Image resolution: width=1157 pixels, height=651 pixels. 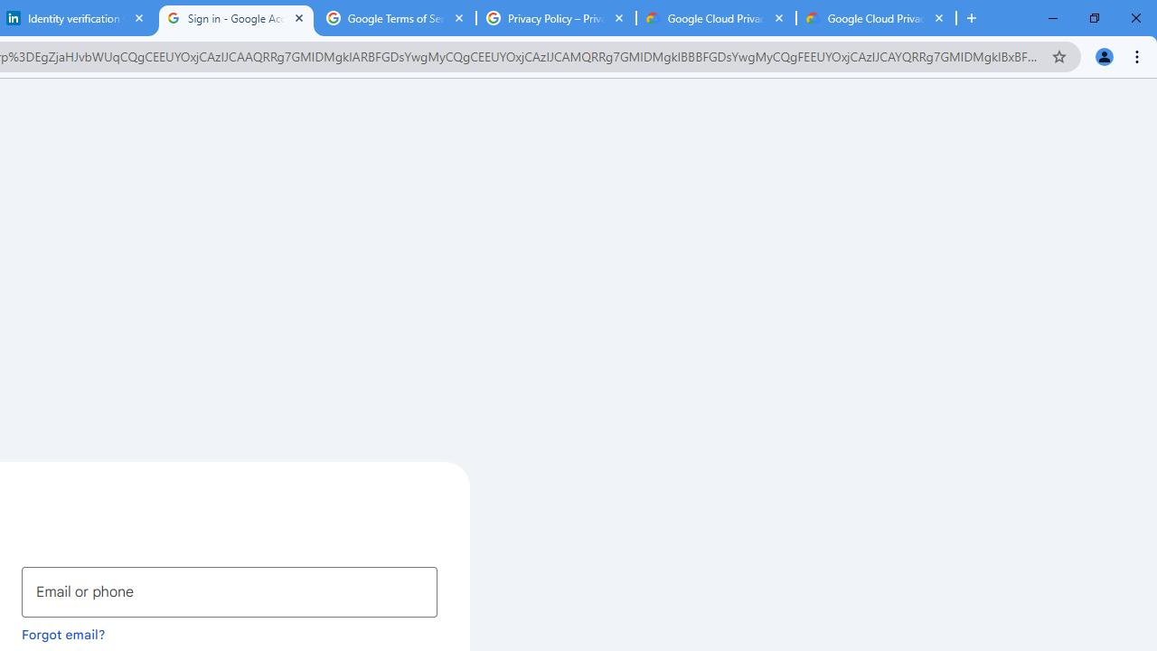 I want to click on 'Google Cloud Privacy Notice', so click(x=876, y=18).